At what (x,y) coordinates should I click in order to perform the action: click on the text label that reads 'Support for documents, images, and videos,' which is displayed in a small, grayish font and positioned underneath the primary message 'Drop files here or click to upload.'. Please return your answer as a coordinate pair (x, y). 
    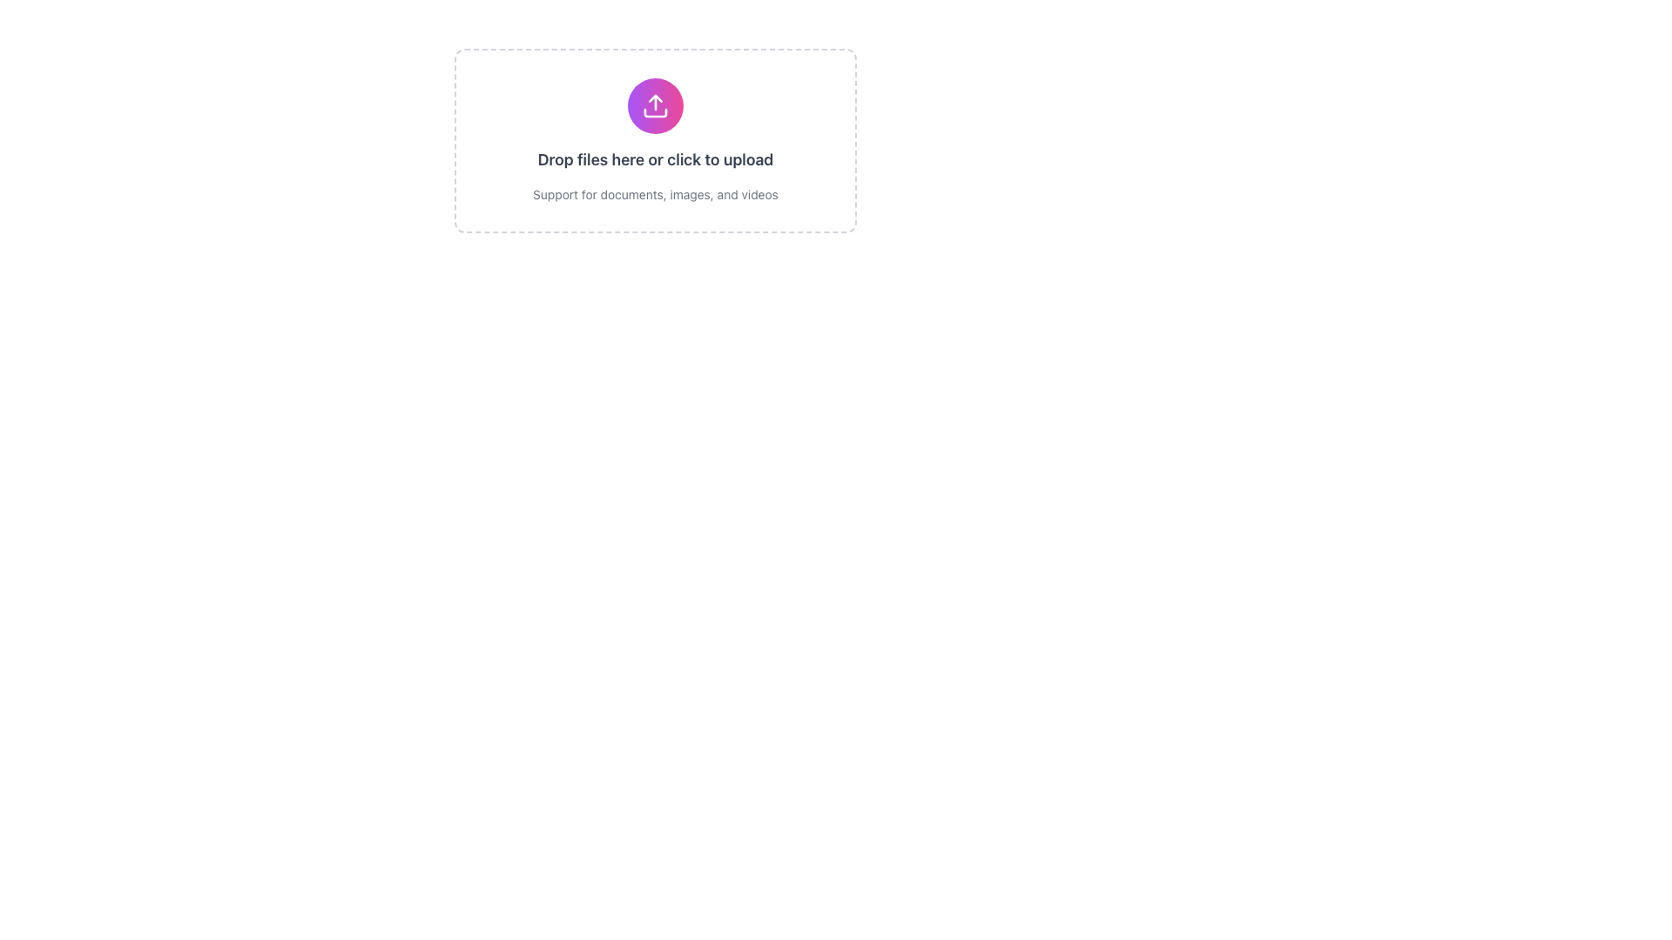
    Looking at the image, I should click on (655, 194).